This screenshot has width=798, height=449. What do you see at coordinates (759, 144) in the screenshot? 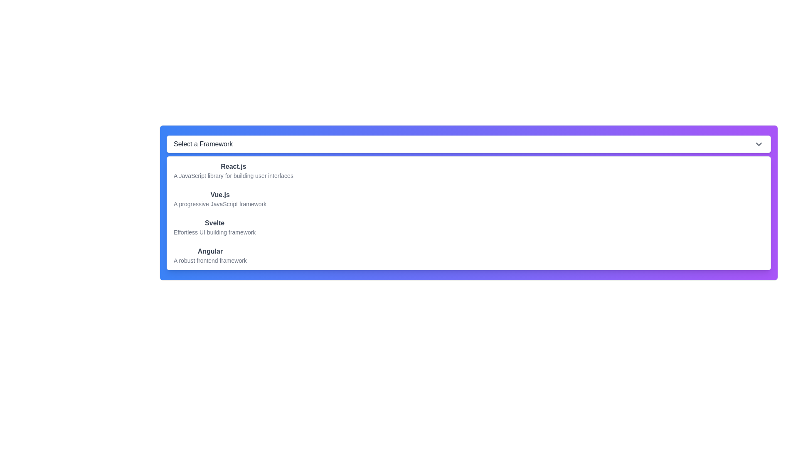
I see `the downward-pointing chevron icon located at the rightmost edge of the 'Select a Framework' dropdown selector to indicate interactivity` at bounding box center [759, 144].